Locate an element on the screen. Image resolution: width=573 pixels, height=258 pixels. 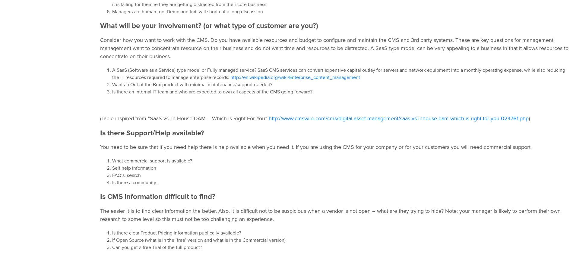
'Is there a community .' is located at coordinates (135, 182).